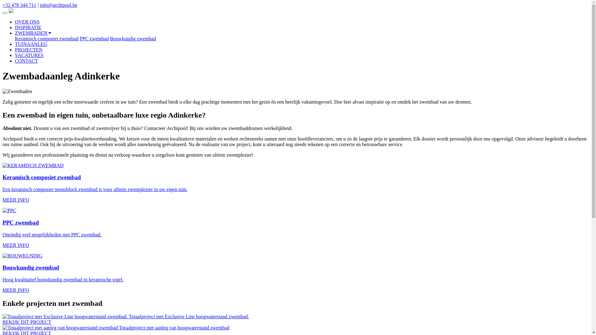 This screenshot has height=335, width=596. Describe the element at coordinates (15, 21) in the screenshot. I see `'OVER ONS'` at that location.